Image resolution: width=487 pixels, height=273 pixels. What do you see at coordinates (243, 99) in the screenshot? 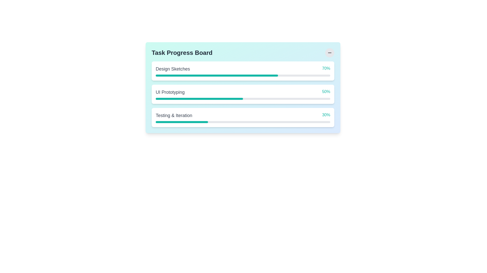
I see `the second progress bar in the 'Task Progress Board' that visually displays 50% completion for the 'UI Prototyping' task` at bounding box center [243, 99].